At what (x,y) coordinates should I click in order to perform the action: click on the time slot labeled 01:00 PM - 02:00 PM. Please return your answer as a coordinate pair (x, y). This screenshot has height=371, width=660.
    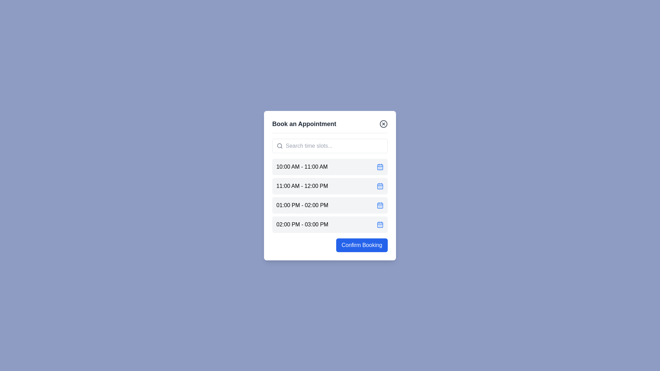
    Looking at the image, I should click on (330, 205).